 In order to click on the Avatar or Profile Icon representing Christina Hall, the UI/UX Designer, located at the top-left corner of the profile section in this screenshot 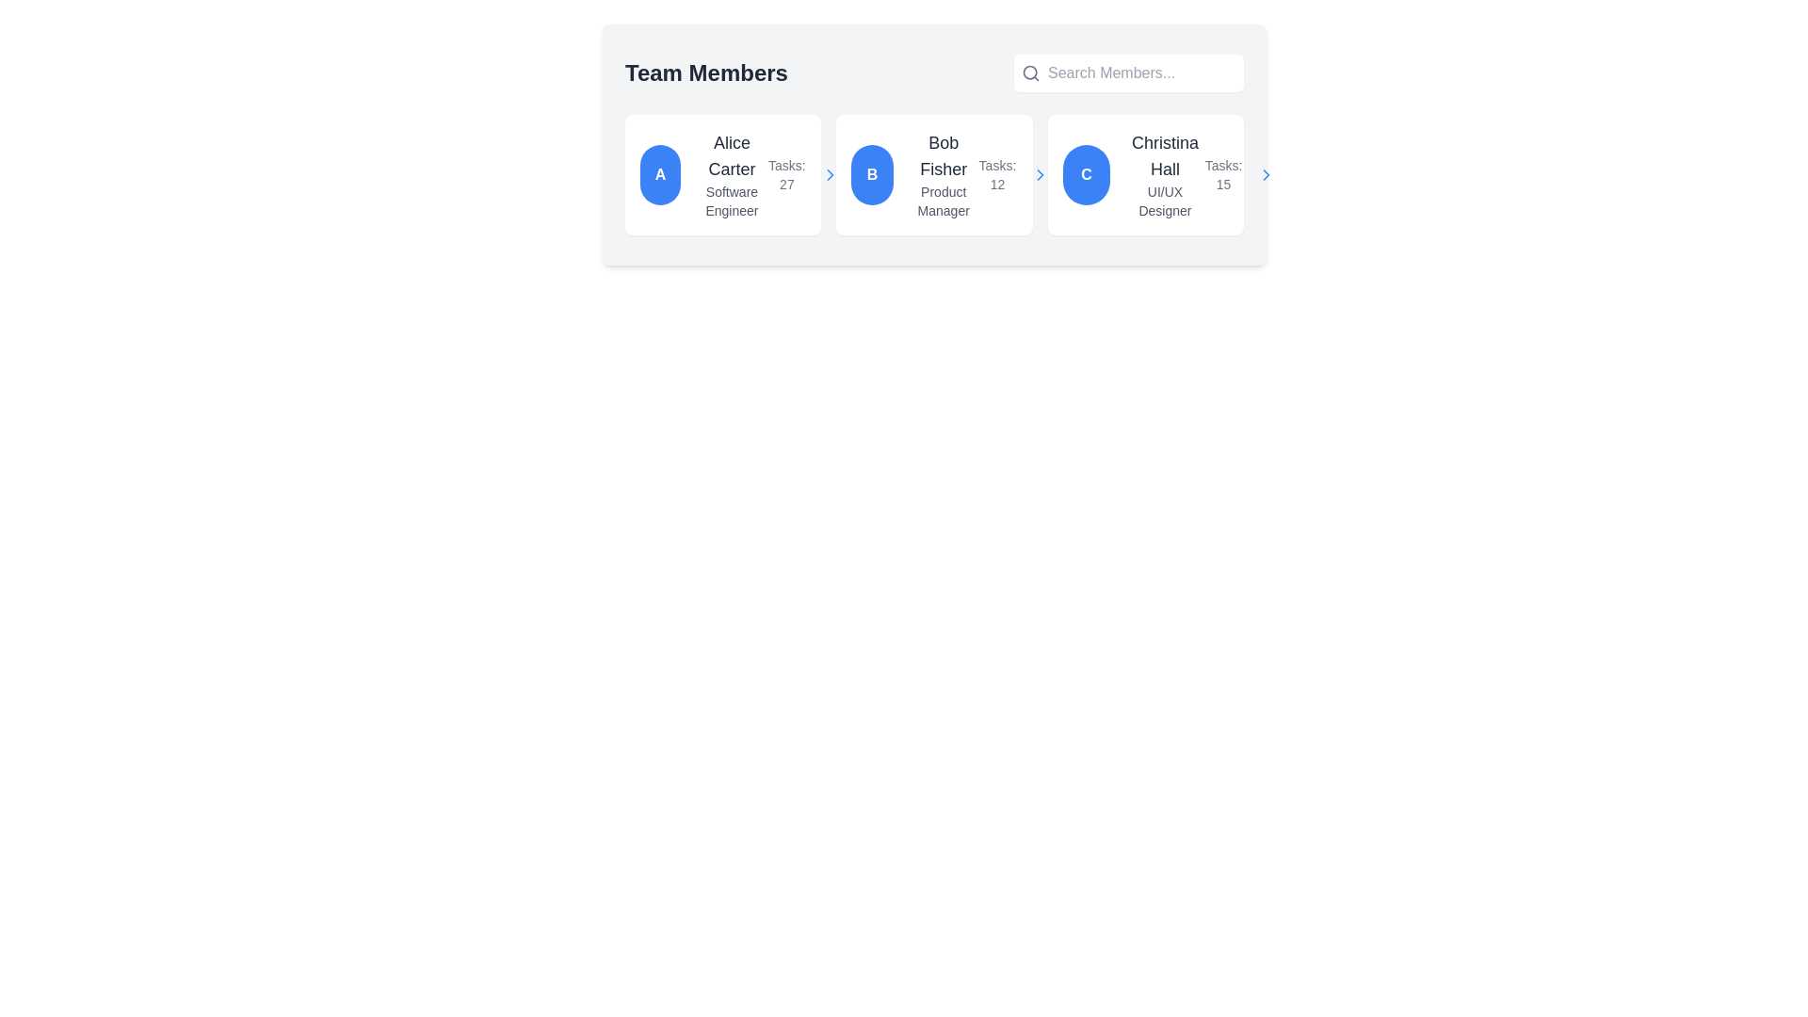, I will do `click(1086, 174)`.